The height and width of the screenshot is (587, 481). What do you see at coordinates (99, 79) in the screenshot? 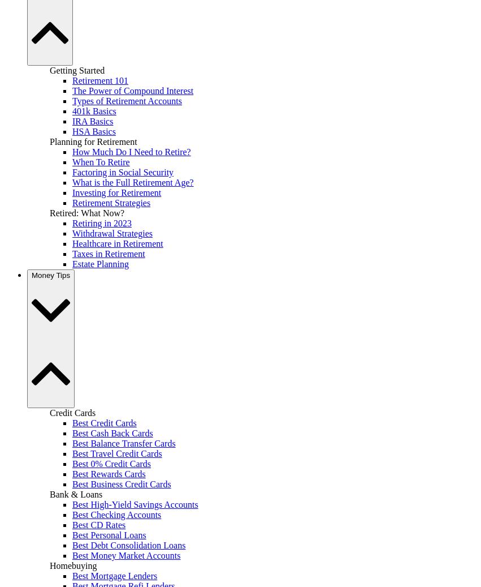
I see `'Retirement 101'` at bounding box center [99, 79].